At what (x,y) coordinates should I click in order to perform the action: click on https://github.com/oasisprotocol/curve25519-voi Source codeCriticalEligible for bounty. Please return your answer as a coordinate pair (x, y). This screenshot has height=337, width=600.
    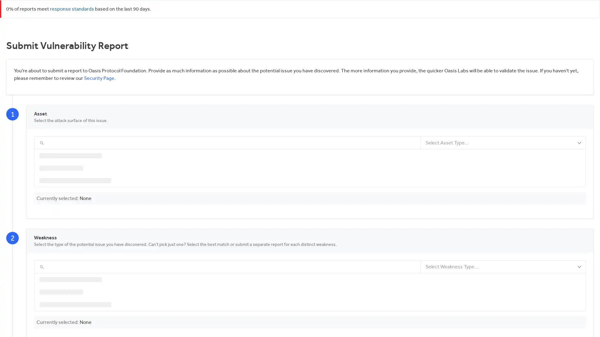
    Looking at the image, I should click on (310, 245).